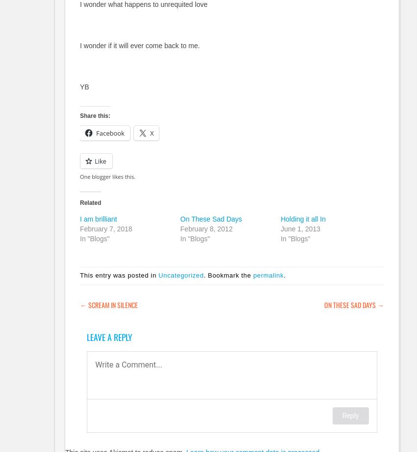  Describe the element at coordinates (110, 133) in the screenshot. I see `'Facebook'` at that location.